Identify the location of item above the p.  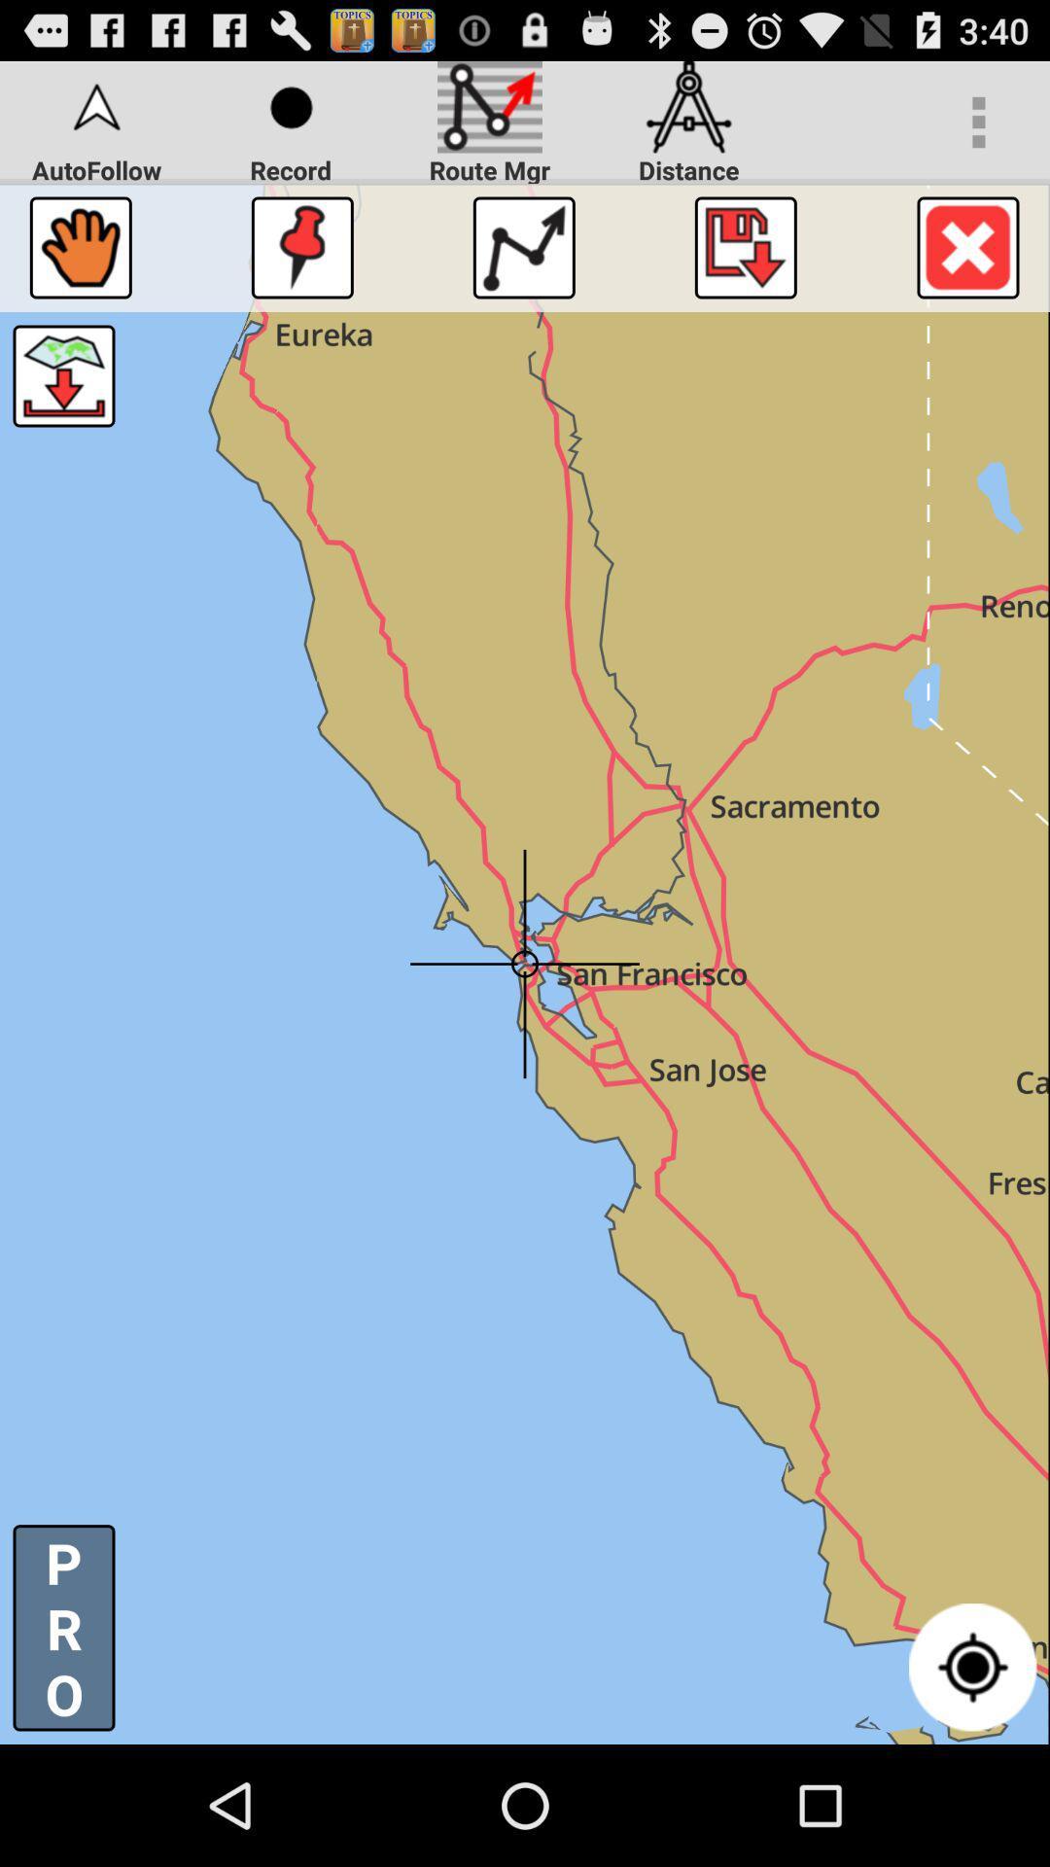
(62, 376).